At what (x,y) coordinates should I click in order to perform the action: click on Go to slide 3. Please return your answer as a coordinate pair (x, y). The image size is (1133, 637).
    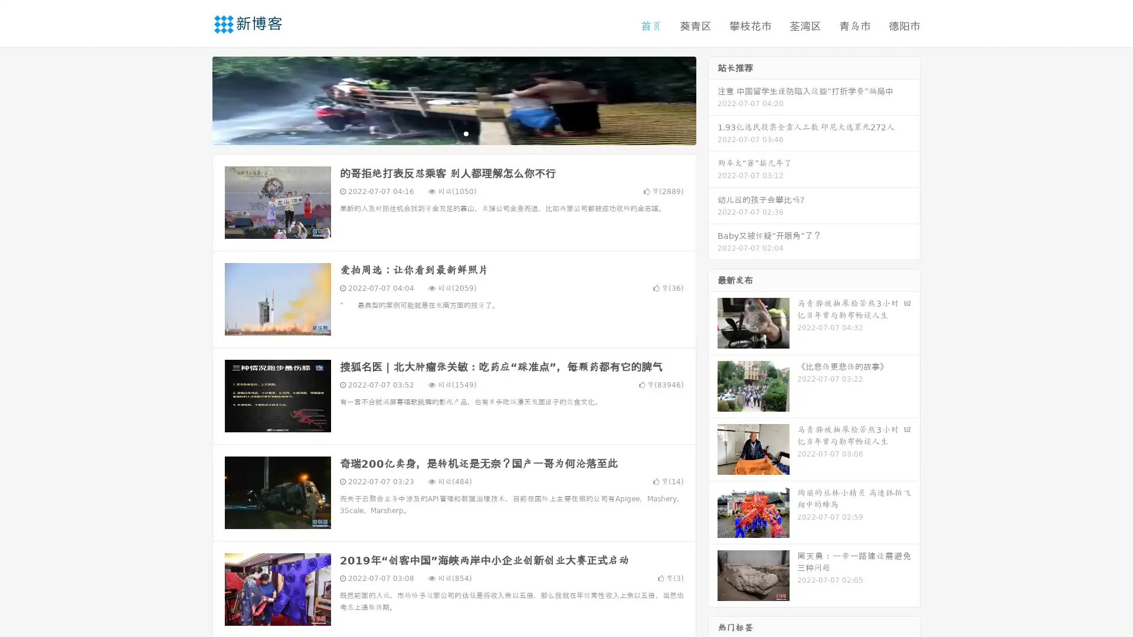
    Looking at the image, I should click on (466, 133).